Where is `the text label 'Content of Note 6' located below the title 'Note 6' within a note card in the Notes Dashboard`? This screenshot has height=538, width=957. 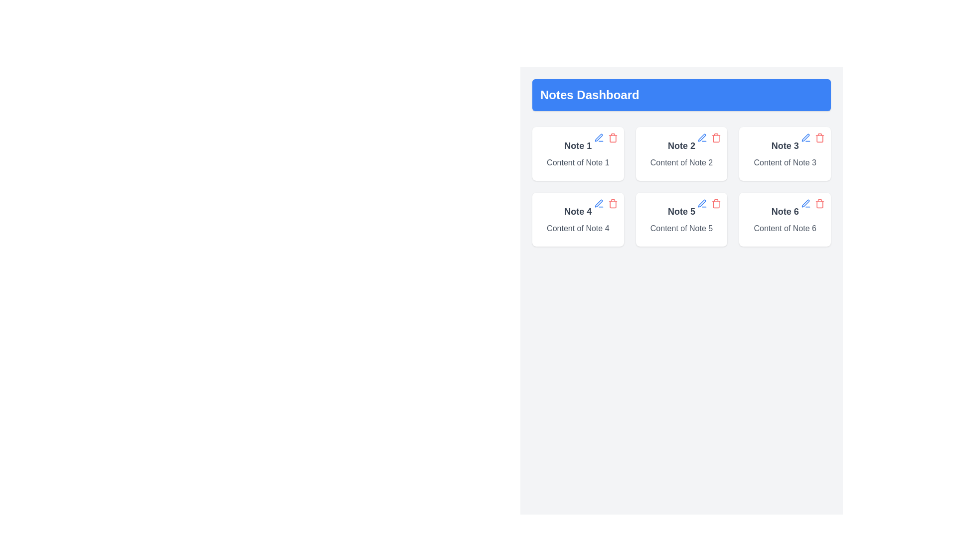 the text label 'Content of Note 6' located below the title 'Note 6' within a note card in the Notes Dashboard is located at coordinates (785, 229).